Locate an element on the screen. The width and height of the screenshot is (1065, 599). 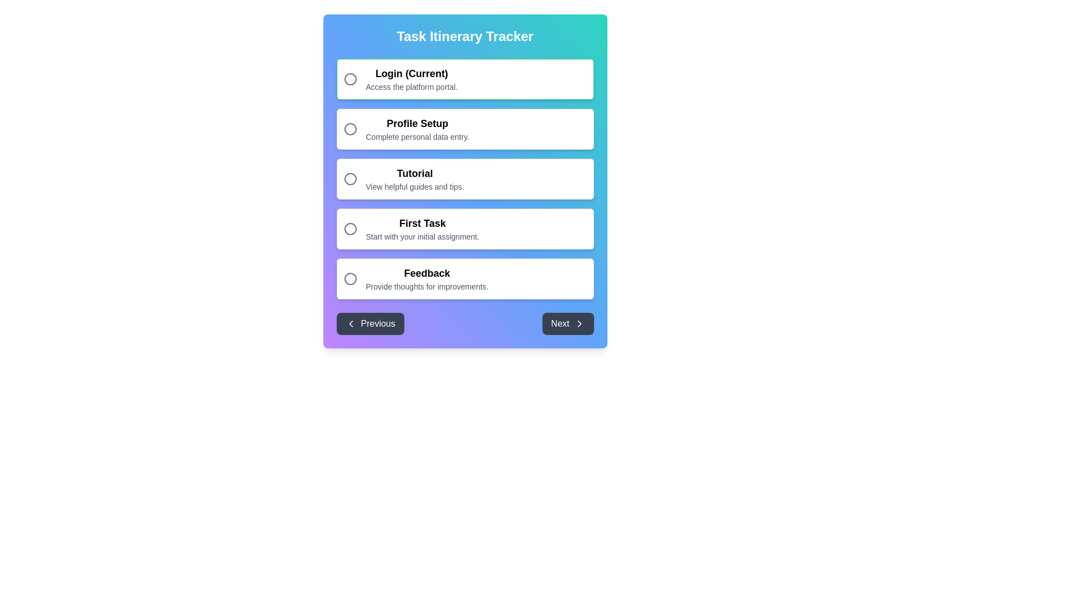
the text label or header that serves as the title for the Feedback task, located above the subtitle 'Provide thoughts for improvements.' is located at coordinates (426, 273).